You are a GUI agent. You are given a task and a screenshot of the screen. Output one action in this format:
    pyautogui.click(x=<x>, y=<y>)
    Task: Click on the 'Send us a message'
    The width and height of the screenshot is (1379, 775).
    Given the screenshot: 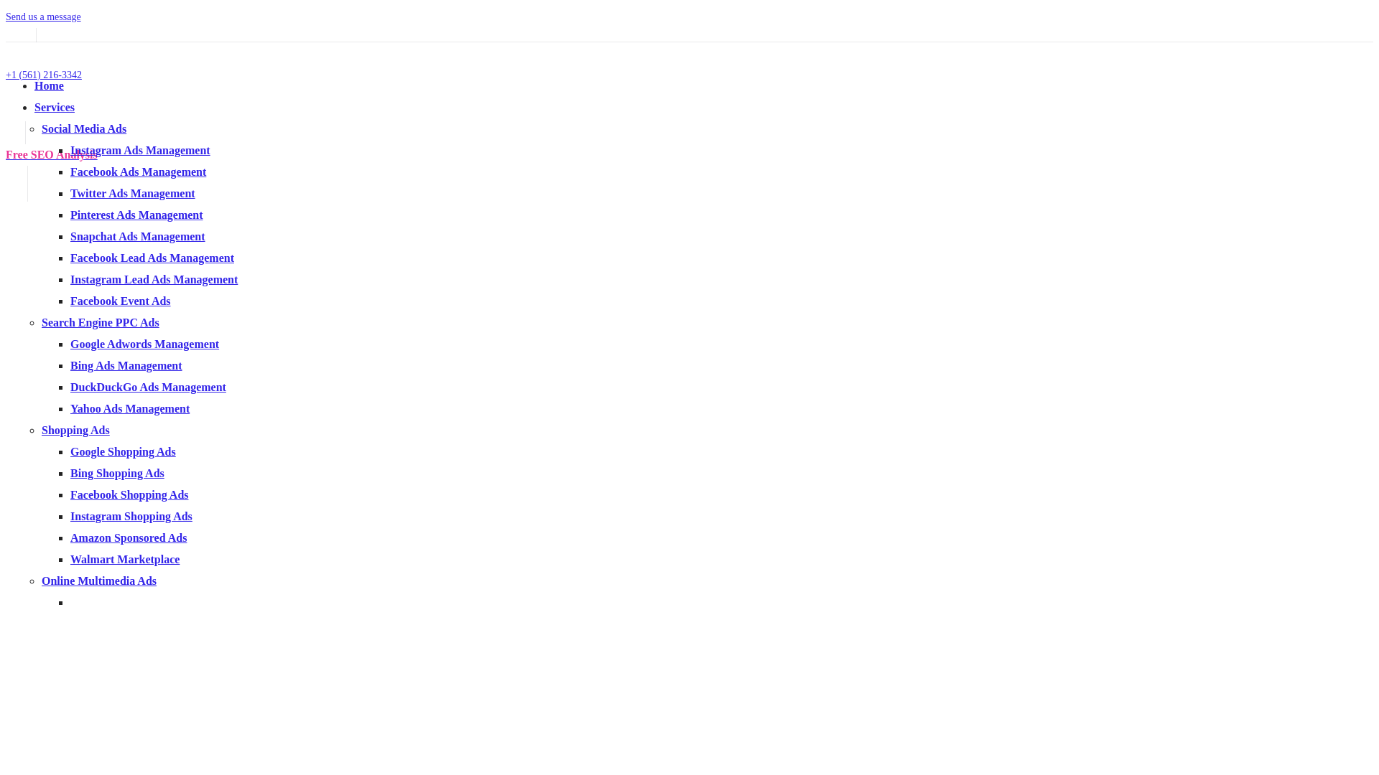 What is the action you would take?
    pyautogui.click(x=43, y=17)
    